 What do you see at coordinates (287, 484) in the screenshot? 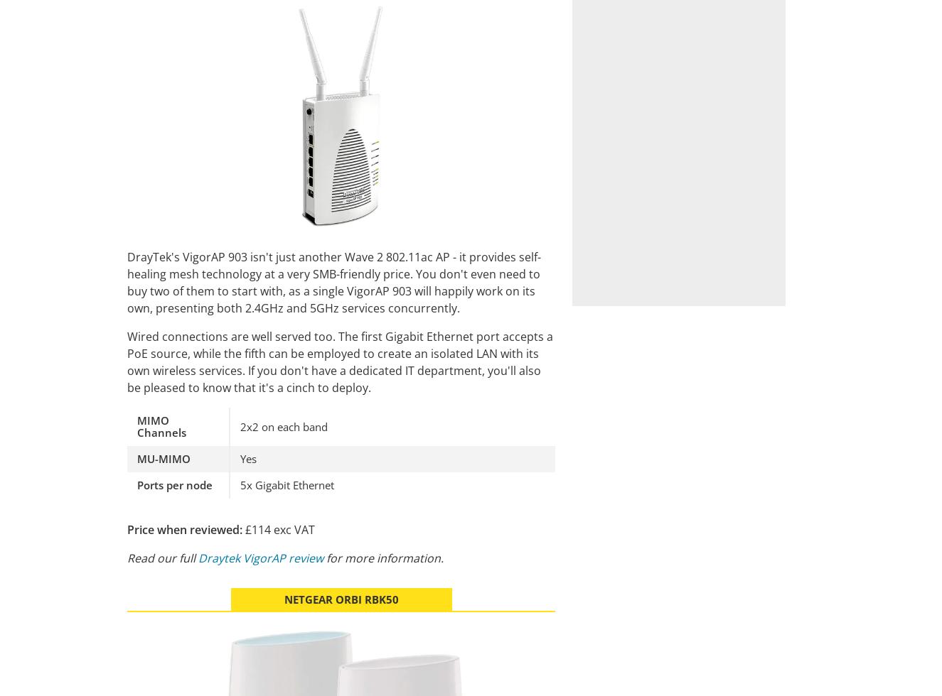
I see `'5x Gigabit Ethernet'` at bounding box center [287, 484].